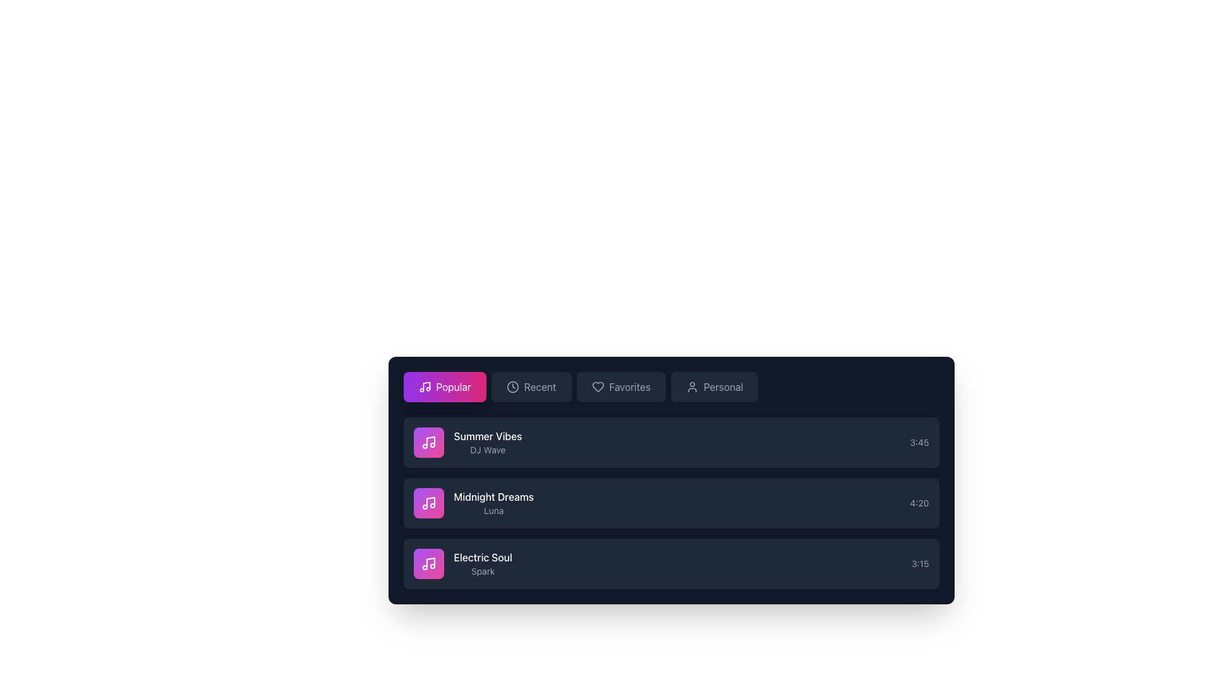  What do you see at coordinates (493, 496) in the screenshot?
I see `the text label displaying 'Midnight Dreams' in bold, white font, located in the second list item below 'Summer Vibes'` at bounding box center [493, 496].